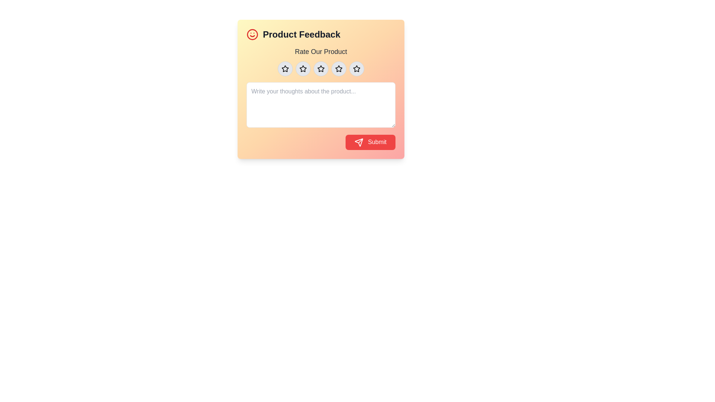 The height and width of the screenshot is (402, 715). What do you see at coordinates (285, 69) in the screenshot?
I see `the Rating button which is a circular button with a star icon at its center, located below the 'Rate Our Product' label in the feedback panel` at bounding box center [285, 69].